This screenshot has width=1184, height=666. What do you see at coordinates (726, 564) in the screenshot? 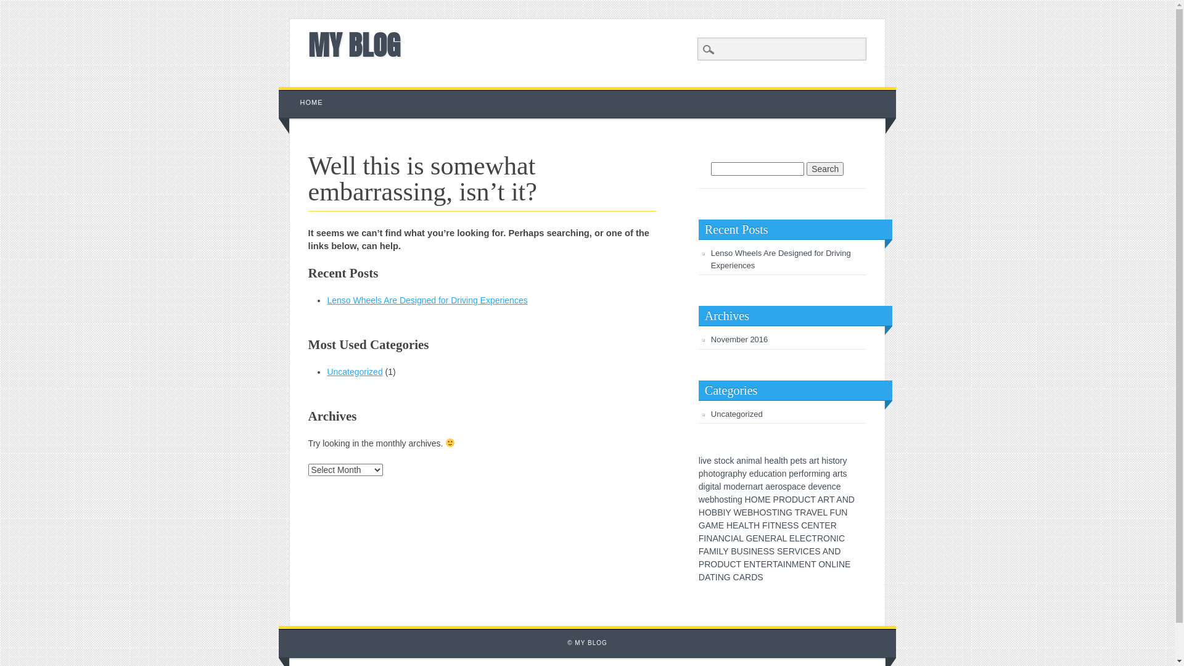
I see `'U'` at bounding box center [726, 564].